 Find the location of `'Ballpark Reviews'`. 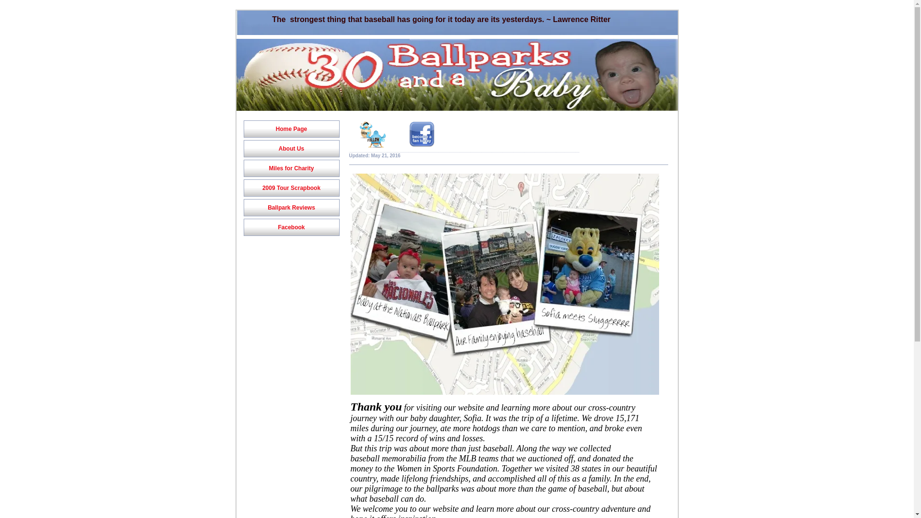

'Ballpark Reviews' is located at coordinates (244, 207).